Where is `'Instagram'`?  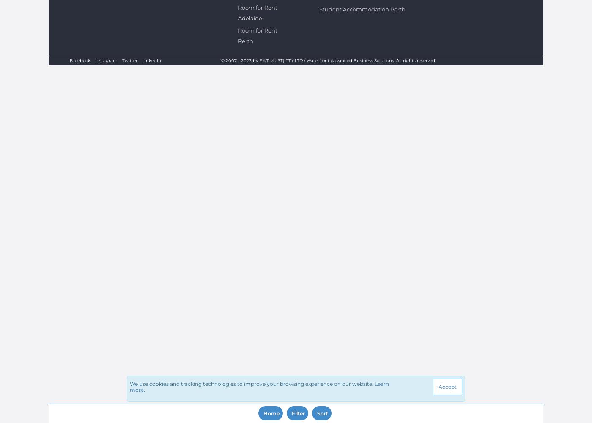
'Instagram' is located at coordinates (106, 60).